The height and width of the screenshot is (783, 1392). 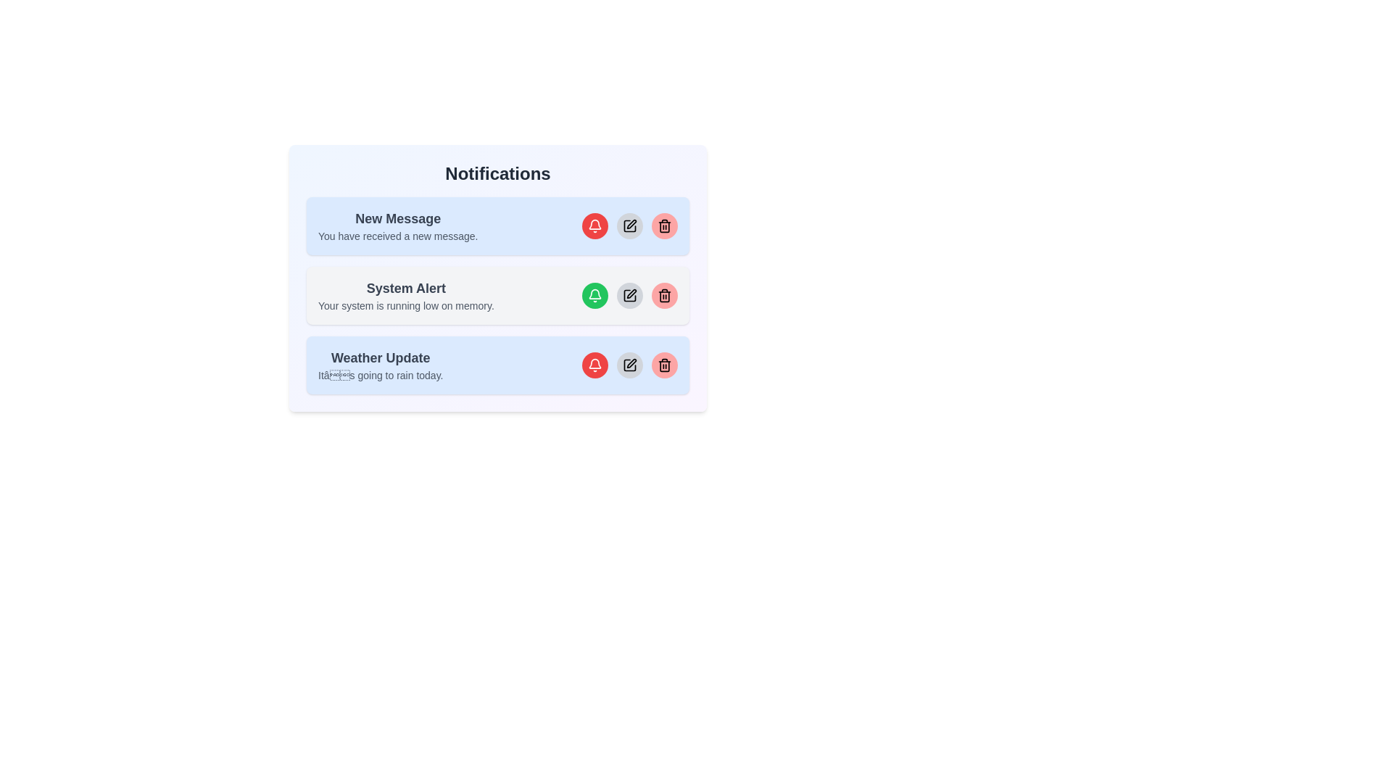 What do you see at coordinates (629, 226) in the screenshot?
I see `the edit button for the notification titled 'New Message'` at bounding box center [629, 226].